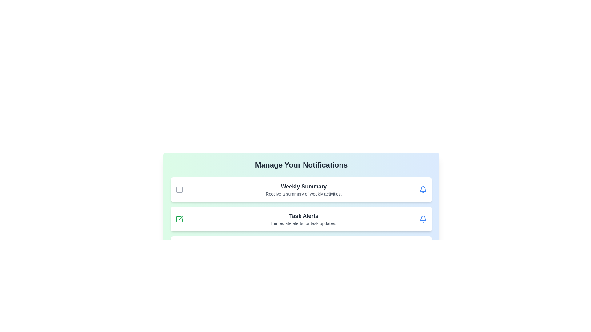  What do you see at coordinates (179, 189) in the screenshot?
I see `the state of the notification icon located to the left of the 'Weekly Summary' label in the notification management panel` at bounding box center [179, 189].